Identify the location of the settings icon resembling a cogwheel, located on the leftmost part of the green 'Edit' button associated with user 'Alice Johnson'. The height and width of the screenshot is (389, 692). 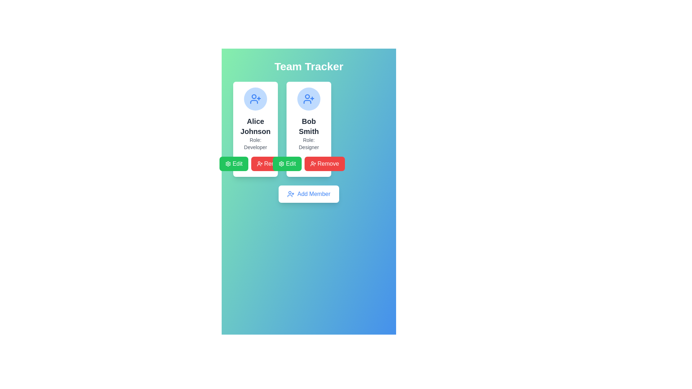
(281, 164).